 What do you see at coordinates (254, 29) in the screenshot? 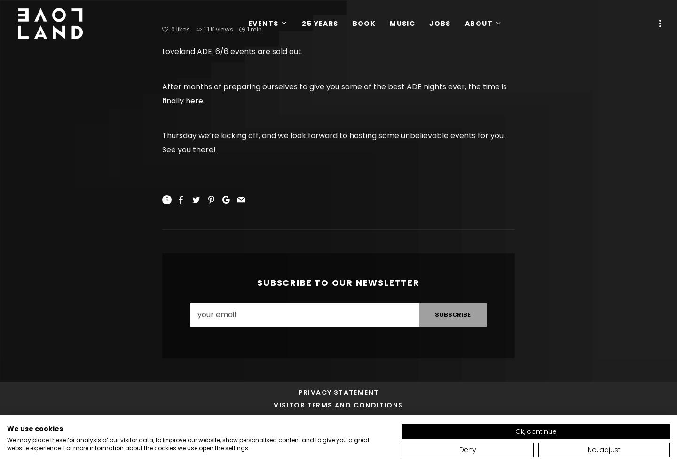
I see `'1 min'` at bounding box center [254, 29].